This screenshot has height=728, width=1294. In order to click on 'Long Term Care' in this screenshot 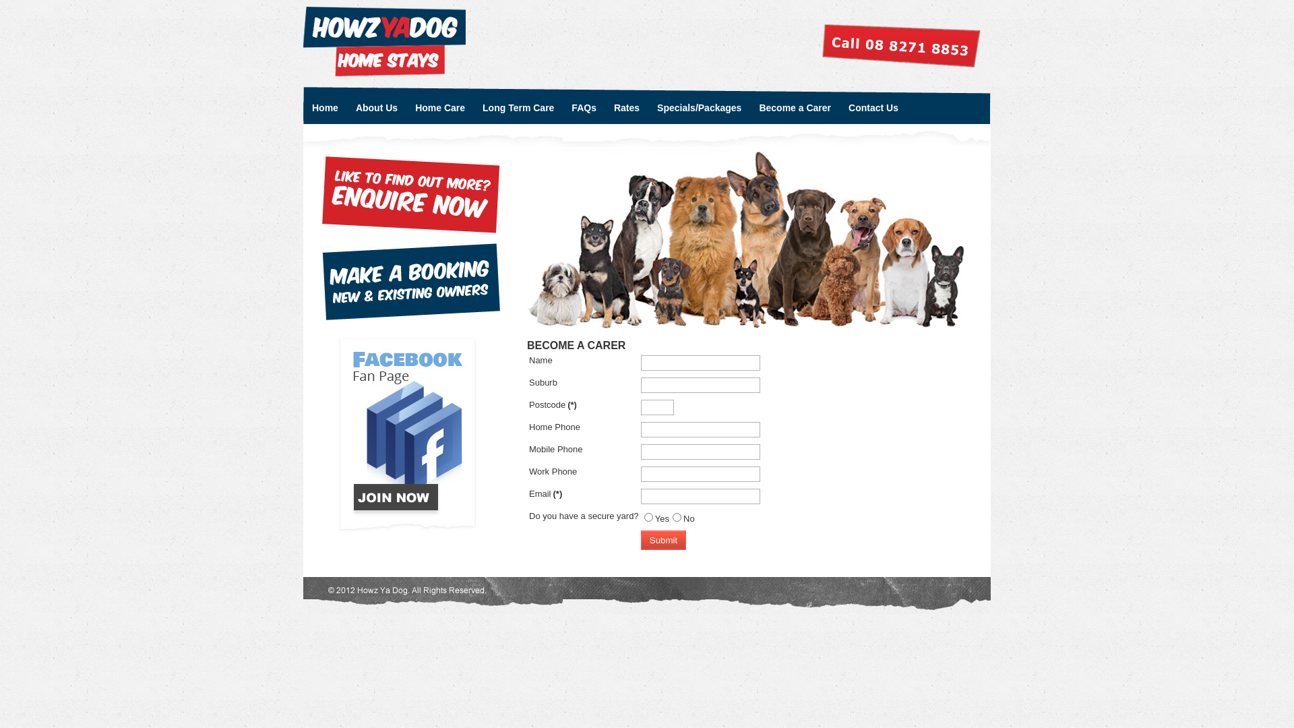, I will do `click(517, 104)`.